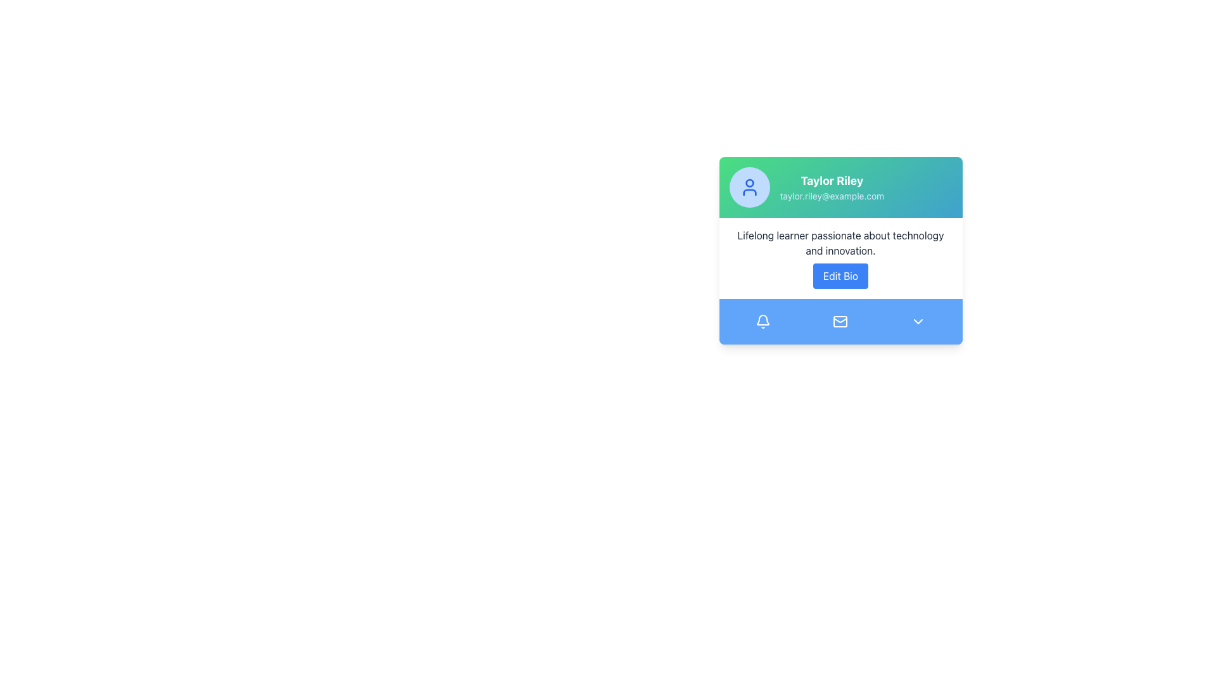 This screenshot has width=1216, height=684. What do you see at coordinates (840, 319) in the screenshot?
I see `the message/email/notification icon located in the blue section beneath the user profile card, which is the second element from the left in the icon set` at bounding box center [840, 319].